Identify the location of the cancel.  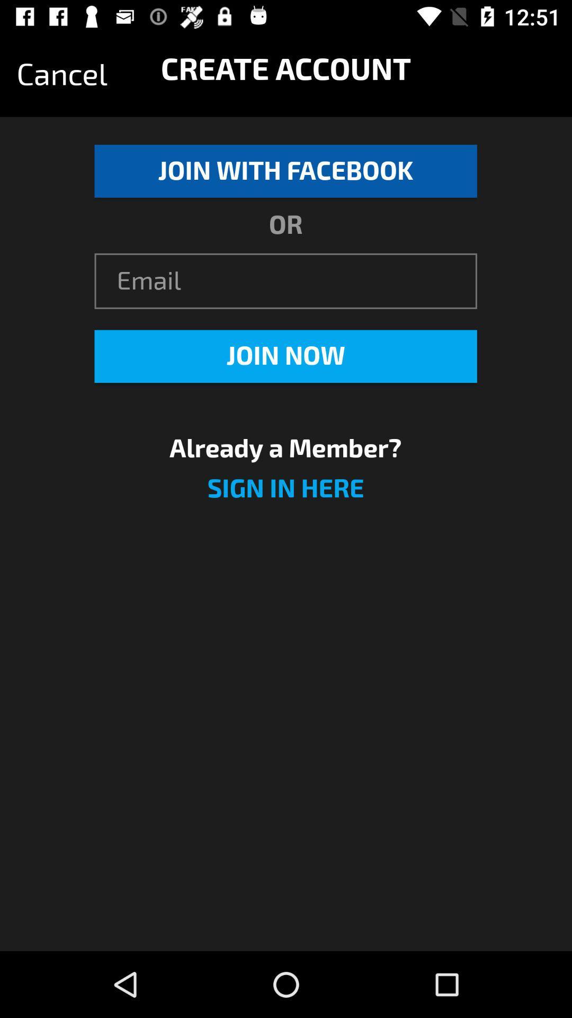
(62, 74).